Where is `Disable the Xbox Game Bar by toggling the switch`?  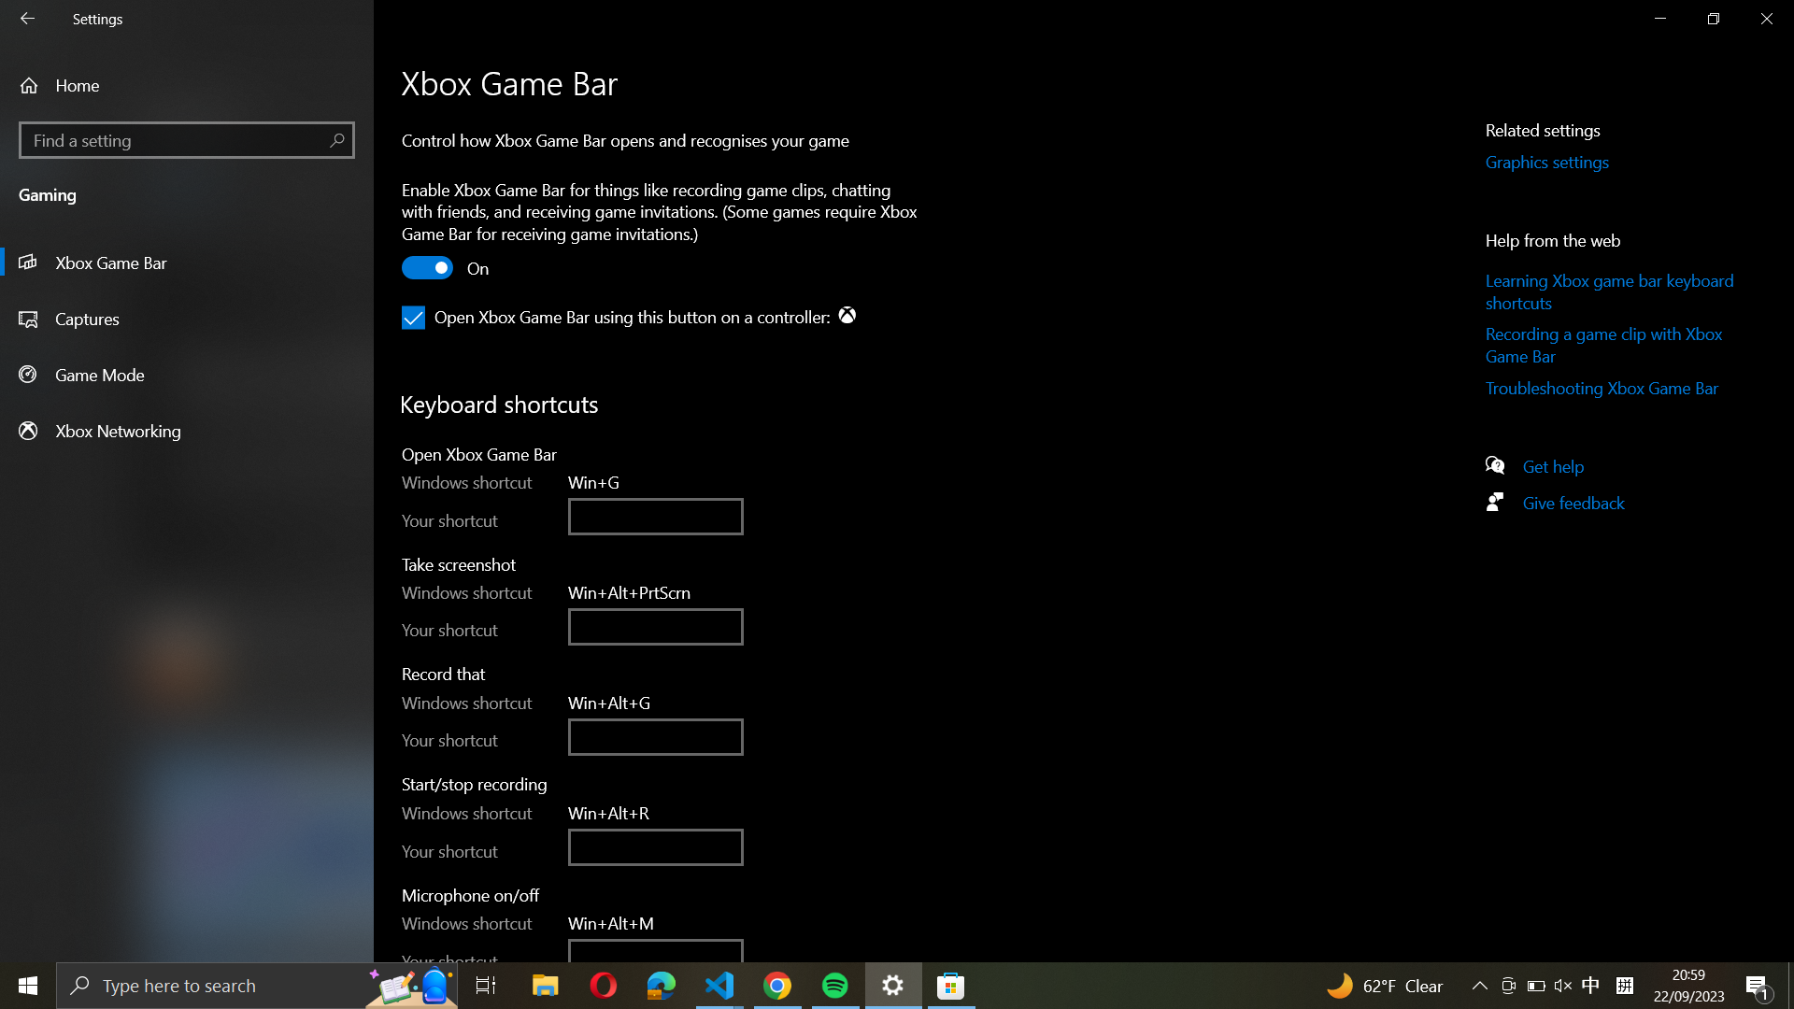
Disable the Xbox Game Bar by toggling the switch is located at coordinates (428, 270).